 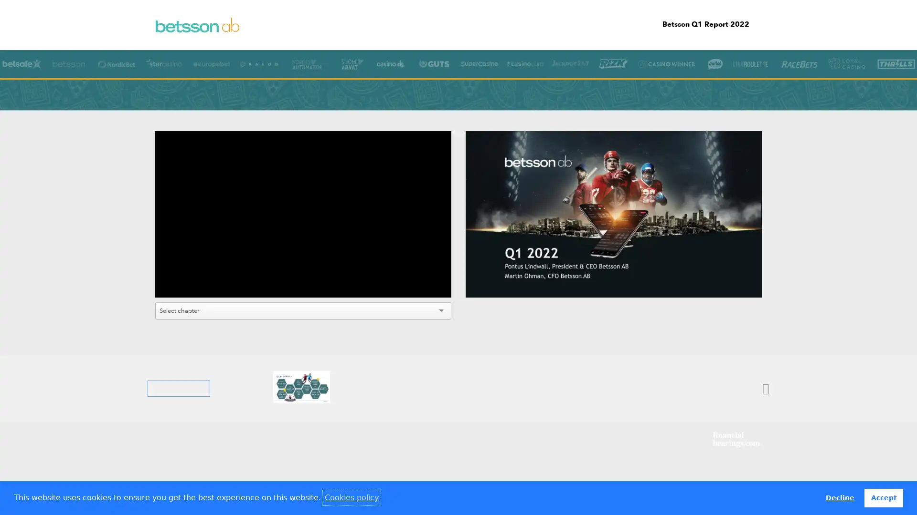 What do you see at coordinates (170, 282) in the screenshot?
I see `Play` at bounding box center [170, 282].